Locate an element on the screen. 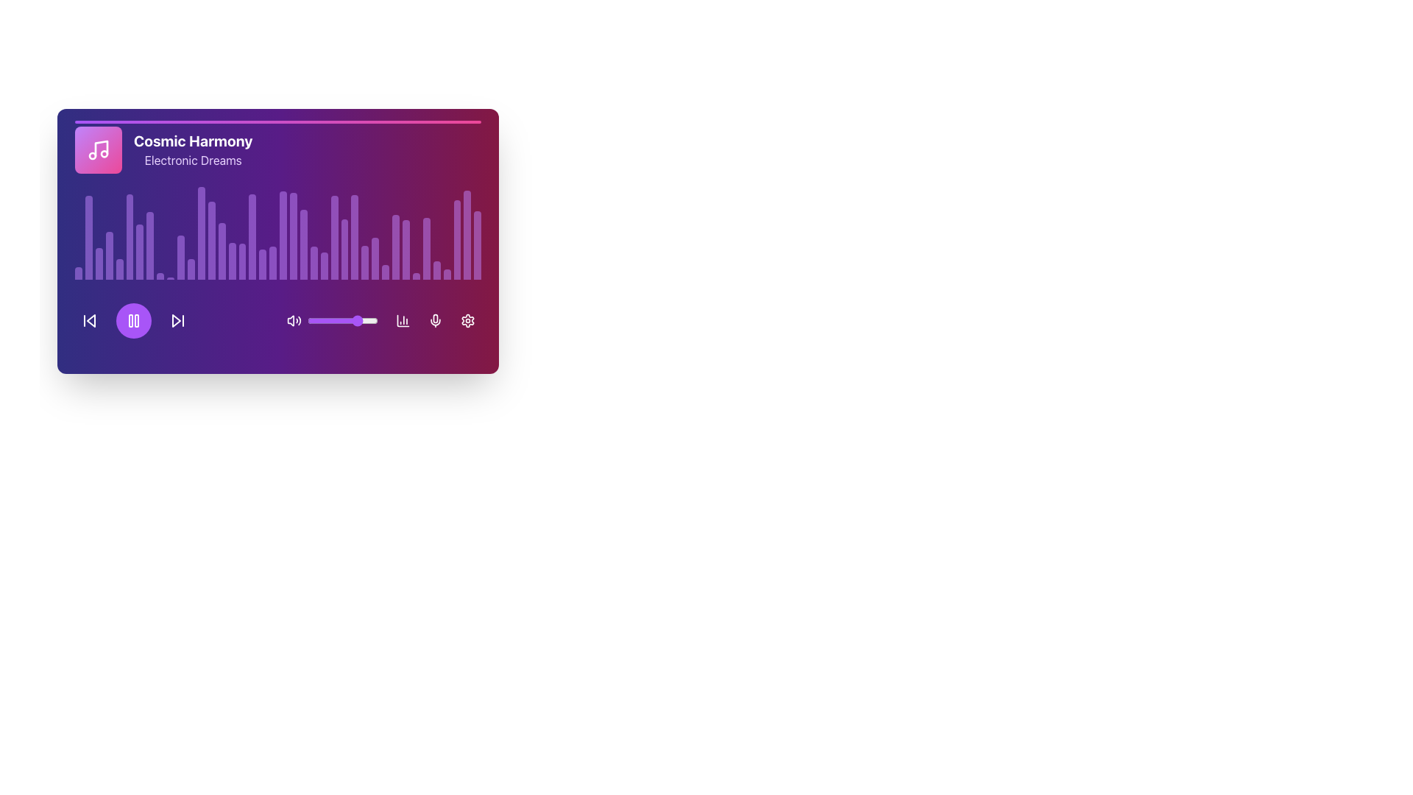  the dynamic height changes of the third bar from the left in the audio visualization section of the music player interface is located at coordinates (98, 263).